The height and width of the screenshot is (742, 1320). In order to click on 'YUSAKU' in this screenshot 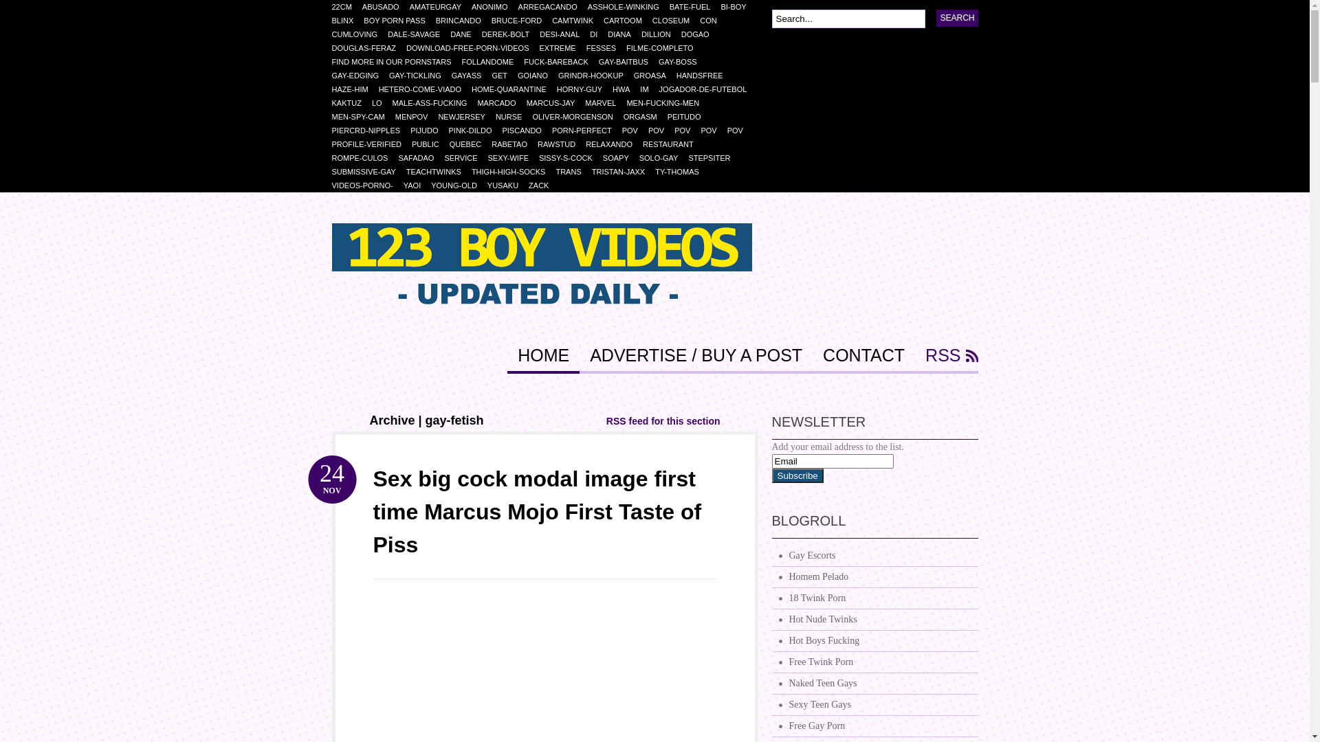, I will do `click(507, 185)`.